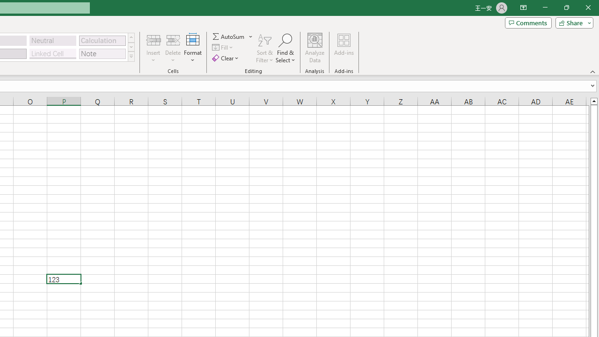 This screenshot has height=337, width=599. I want to click on 'Neutral', so click(52, 40).